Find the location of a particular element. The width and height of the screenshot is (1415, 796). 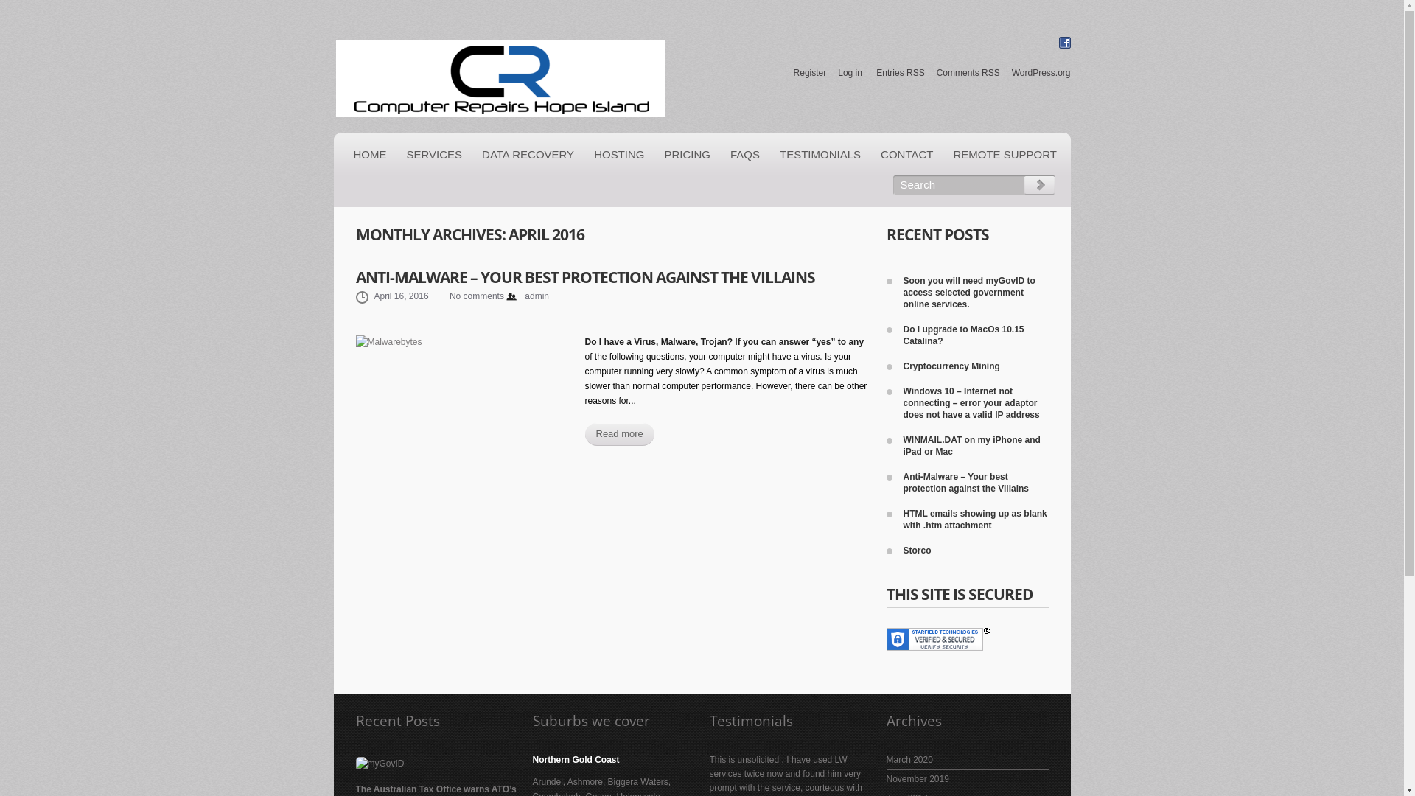

'WordPress.org' is located at coordinates (1040, 73).